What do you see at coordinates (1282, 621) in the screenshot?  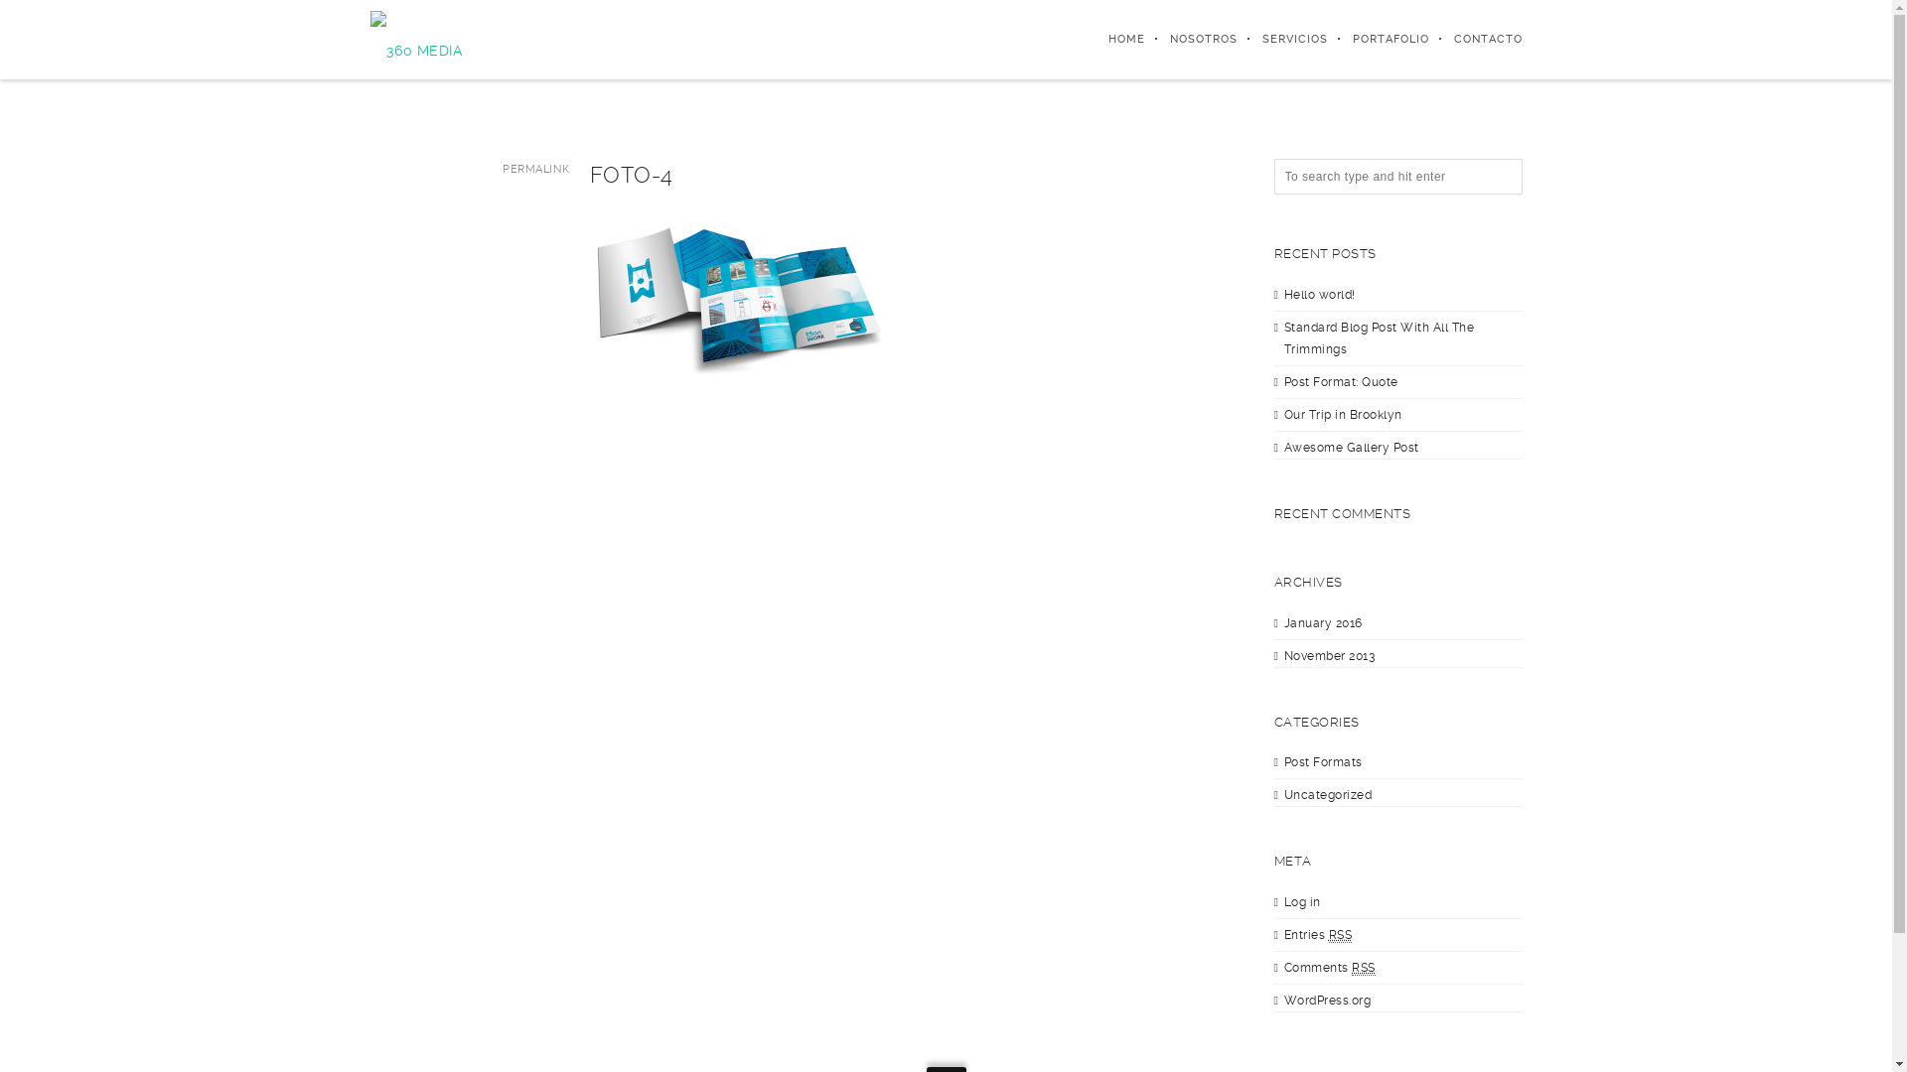 I see `'January 2016'` at bounding box center [1282, 621].